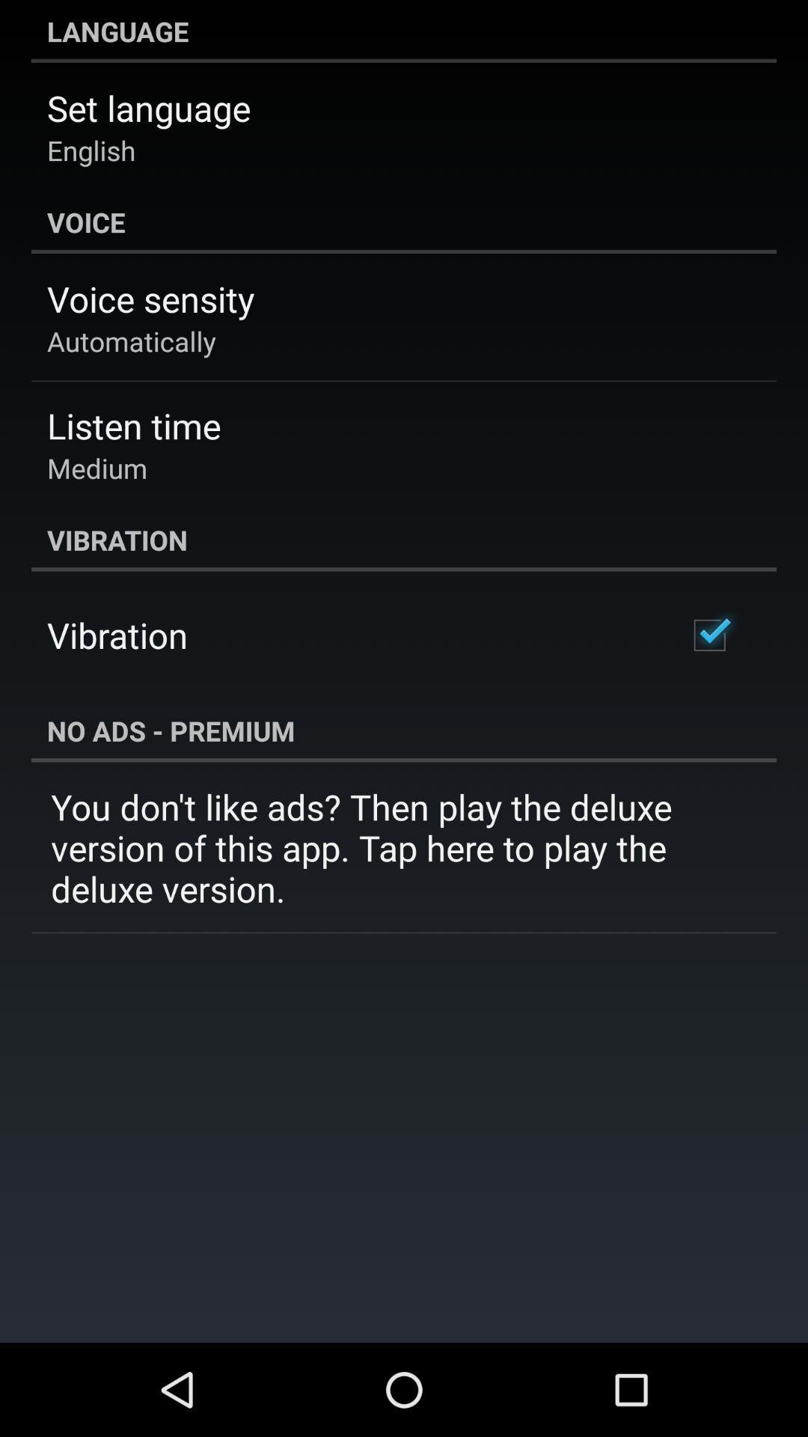 Image resolution: width=808 pixels, height=1437 pixels. I want to click on the english icon, so click(91, 150).